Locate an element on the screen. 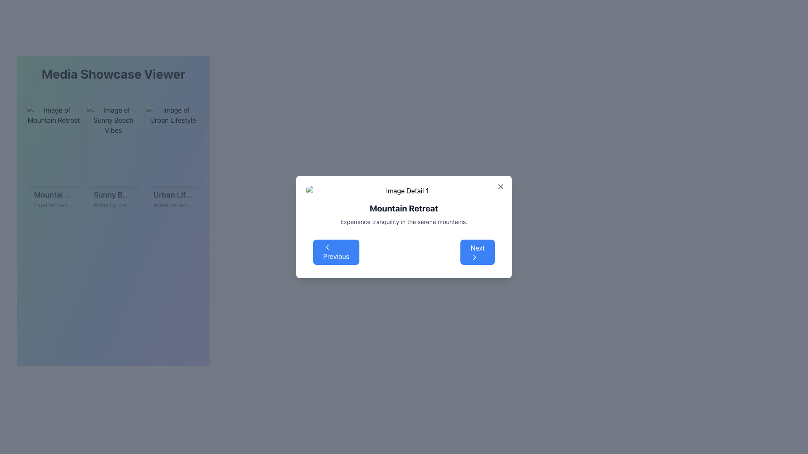  the text element stating 'Experience tranquility in the serene mountains.' which is positioned below the heading 'Mountain Retreat' is located at coordinates (404, 222).